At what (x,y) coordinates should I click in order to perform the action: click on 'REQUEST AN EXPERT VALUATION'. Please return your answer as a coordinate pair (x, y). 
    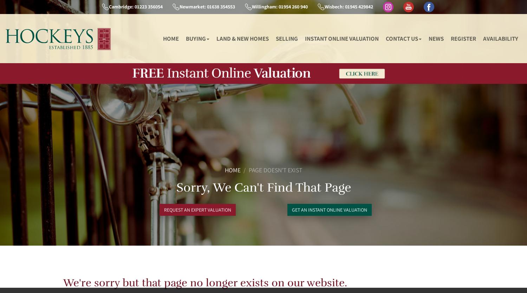
    Looking at the image, I should click on (197, 209).